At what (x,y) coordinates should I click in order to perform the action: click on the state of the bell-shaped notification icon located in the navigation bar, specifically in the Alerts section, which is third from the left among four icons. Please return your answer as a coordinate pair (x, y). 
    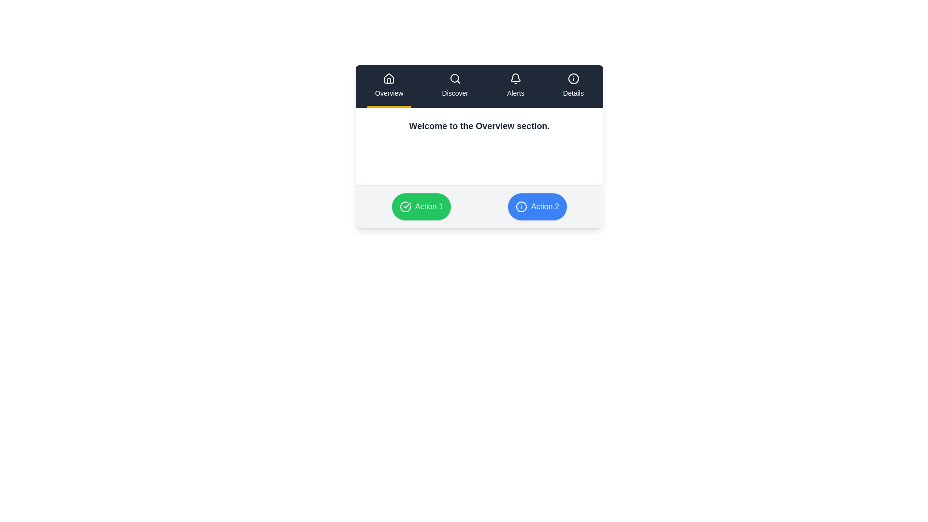
    Looking at the image, I should click on (515, 77).